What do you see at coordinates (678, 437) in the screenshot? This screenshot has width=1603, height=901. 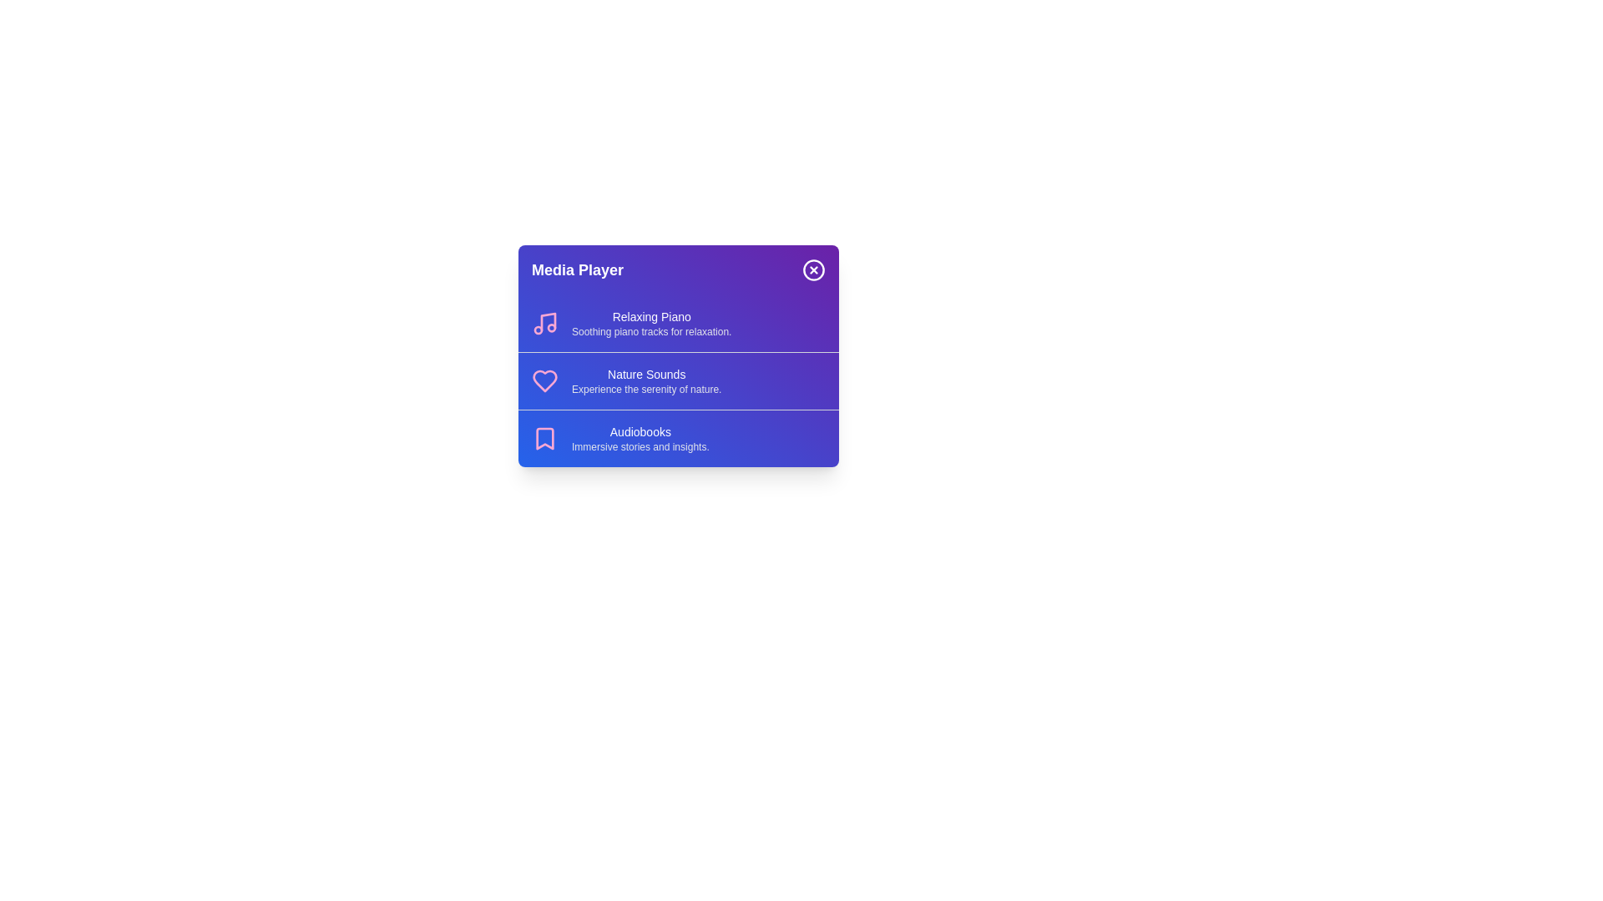 I see `the media item Audiobooks from the menu` at bounding box center [678, 437].